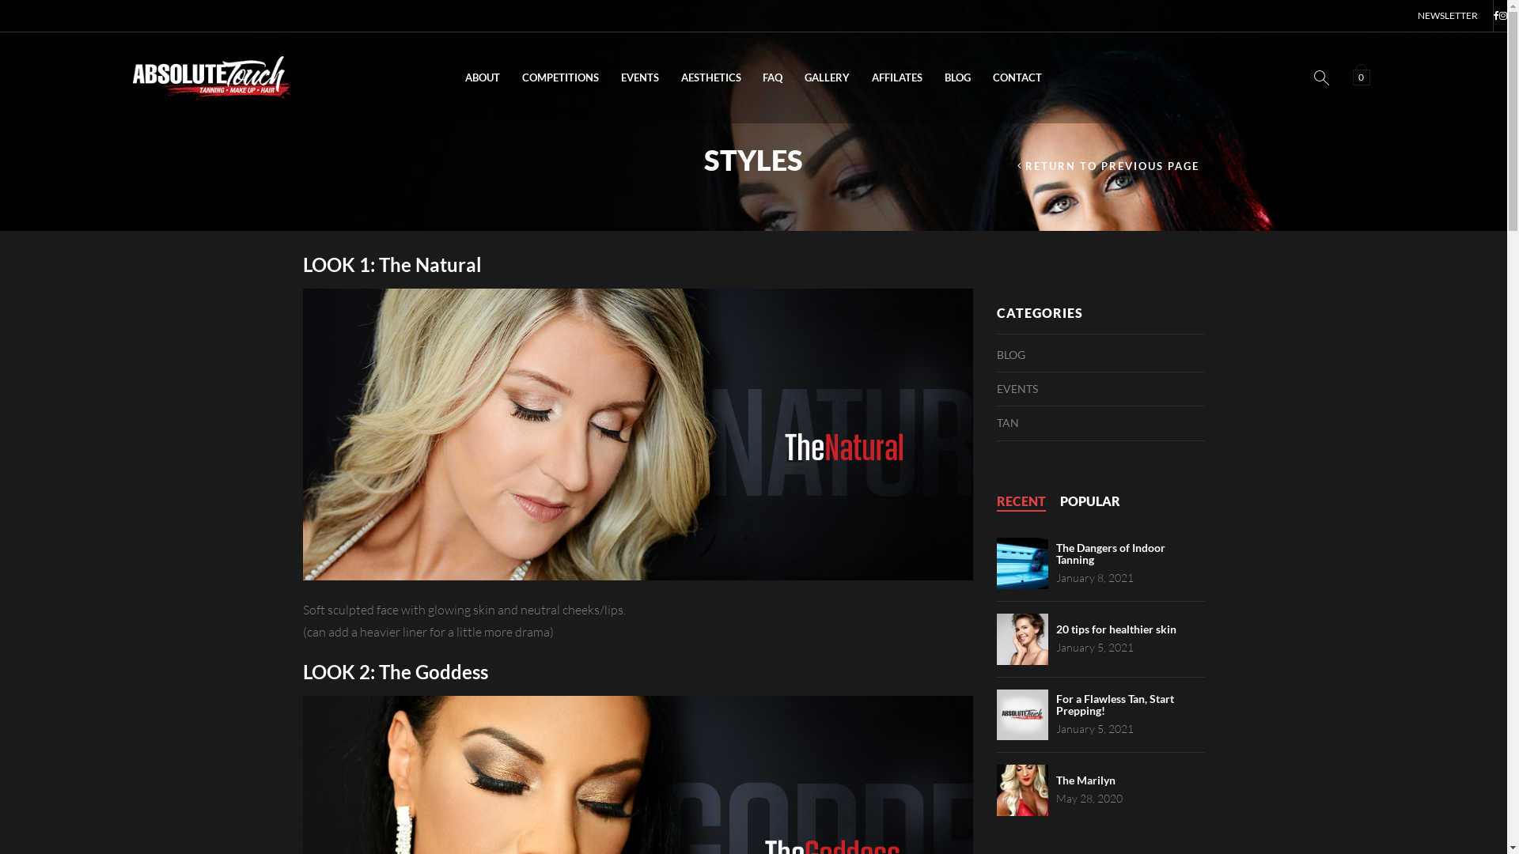  Describe the element at coordinates (1108, 166) in the screenshot. I see `'RETURN TO PREVIOUS PAGE'` at that location.